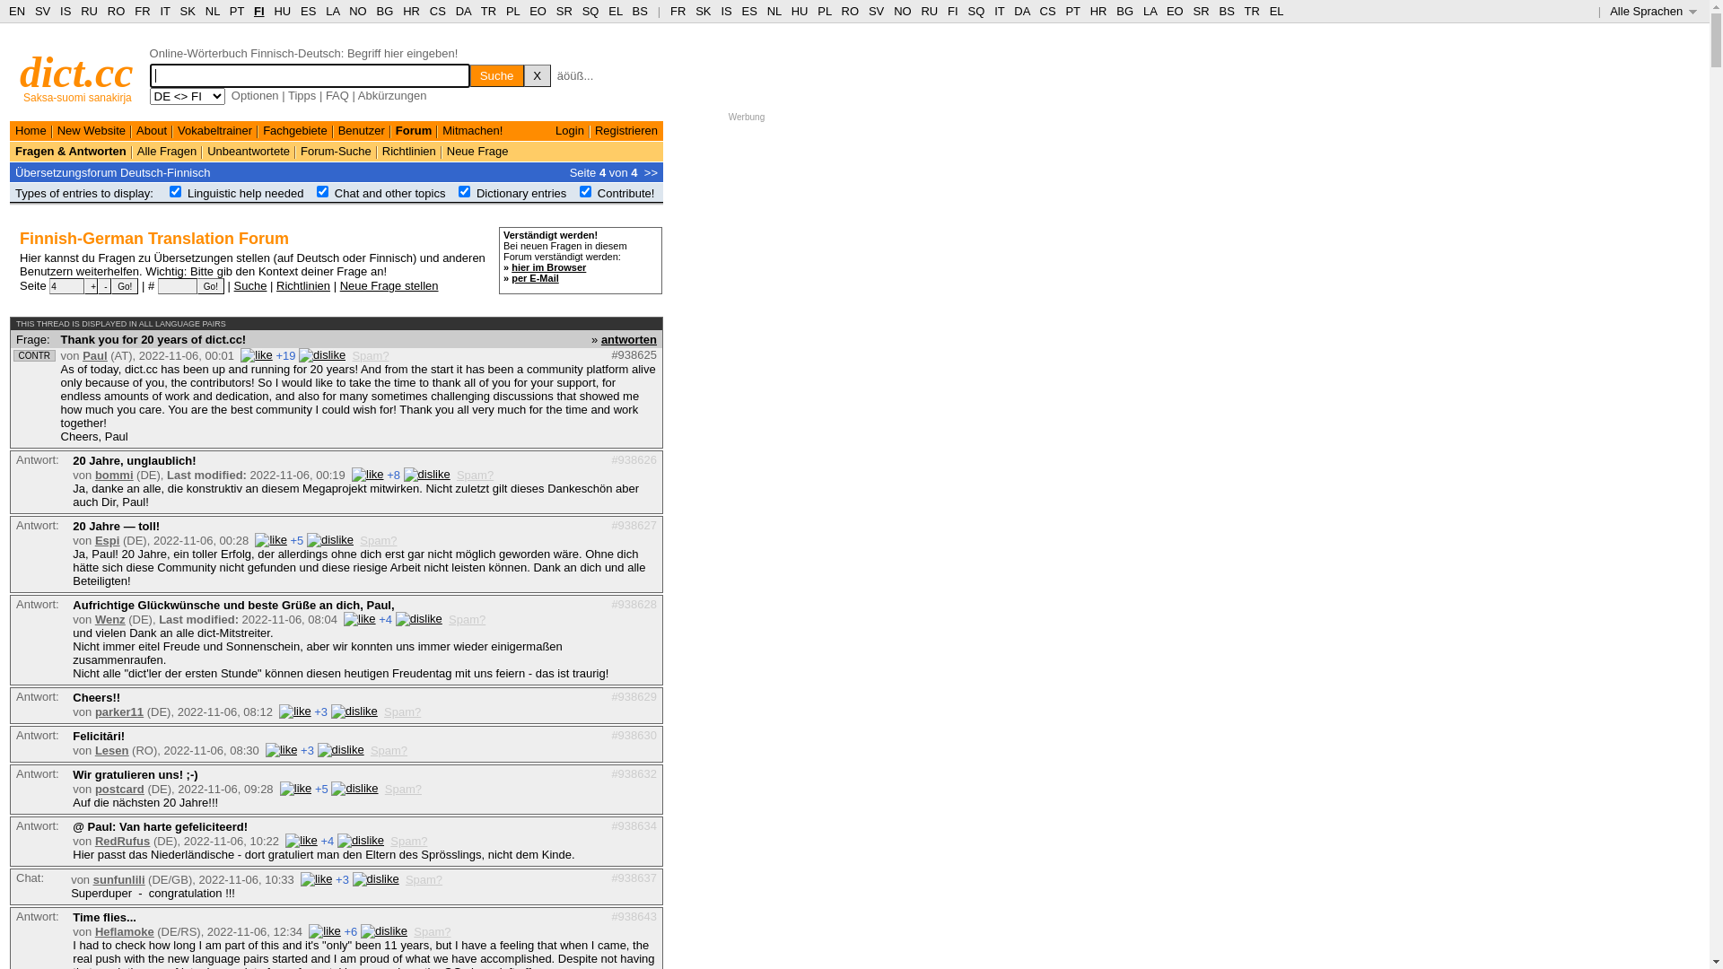  What do you see at coordinates (823, 11) in the screenshot?
I see `'PL'` at bounding box center [823, 11].